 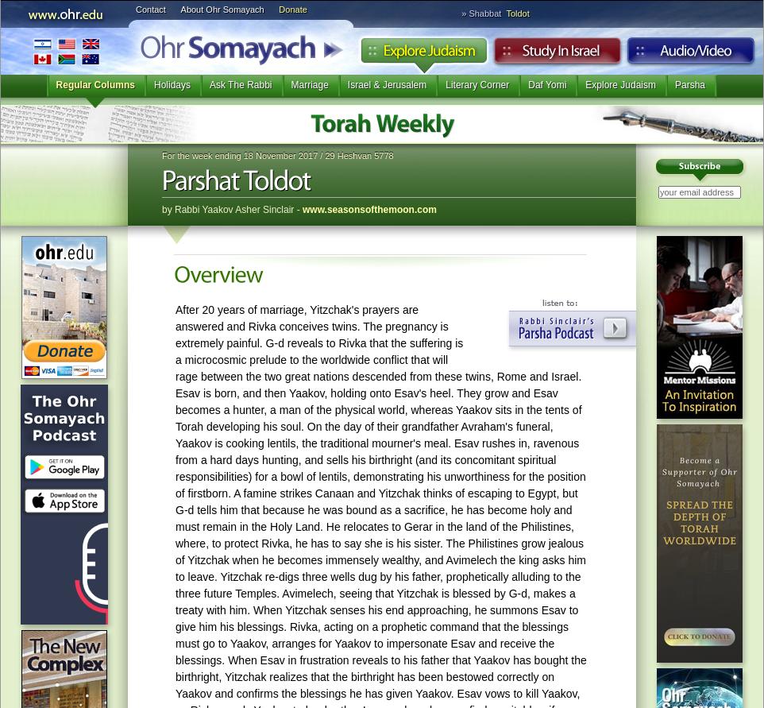 I want to click on 'Literary Corner', so click(x=476, y=84).